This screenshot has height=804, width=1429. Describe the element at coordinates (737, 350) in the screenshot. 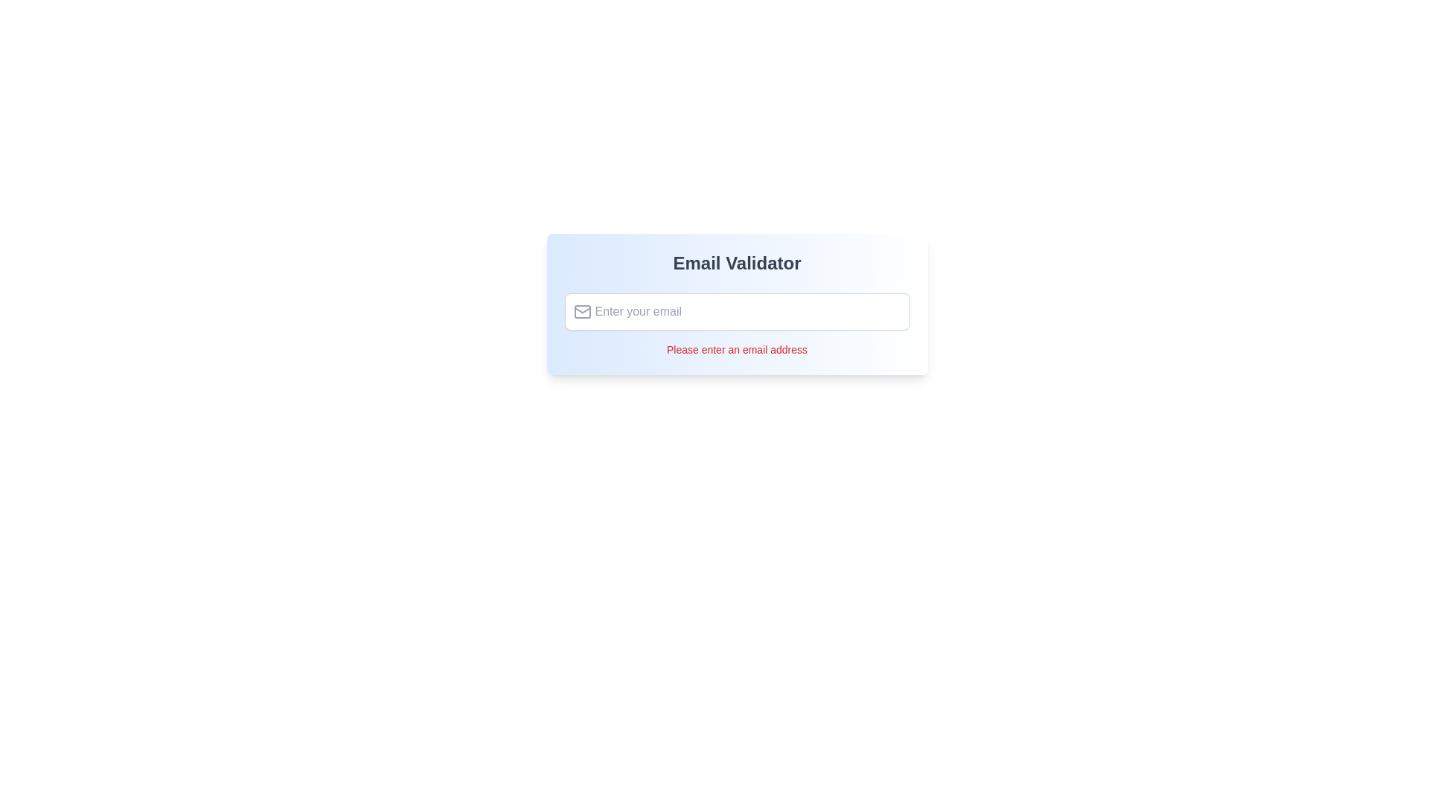

I see `the text label that says 'Please enter an email address.' which is styled in red and is located below the email input field` at that location.